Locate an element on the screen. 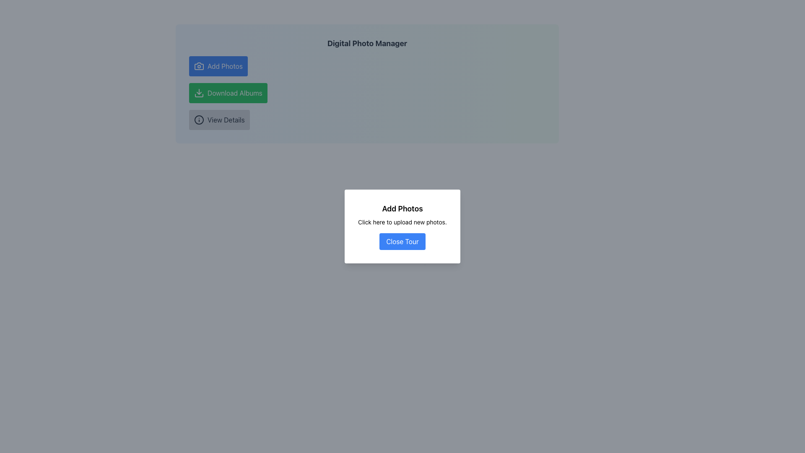  the text label within the button component that is located below the green 'Download Albums' button is located at coordinates (226, 120).